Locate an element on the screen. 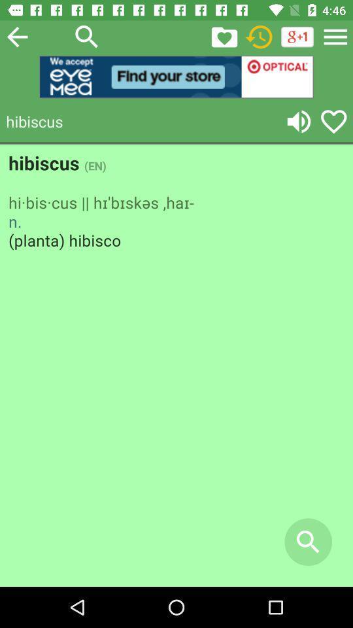 The height and width of the screenshot is (628, 353). reload option is located at coordinates (259, 36).